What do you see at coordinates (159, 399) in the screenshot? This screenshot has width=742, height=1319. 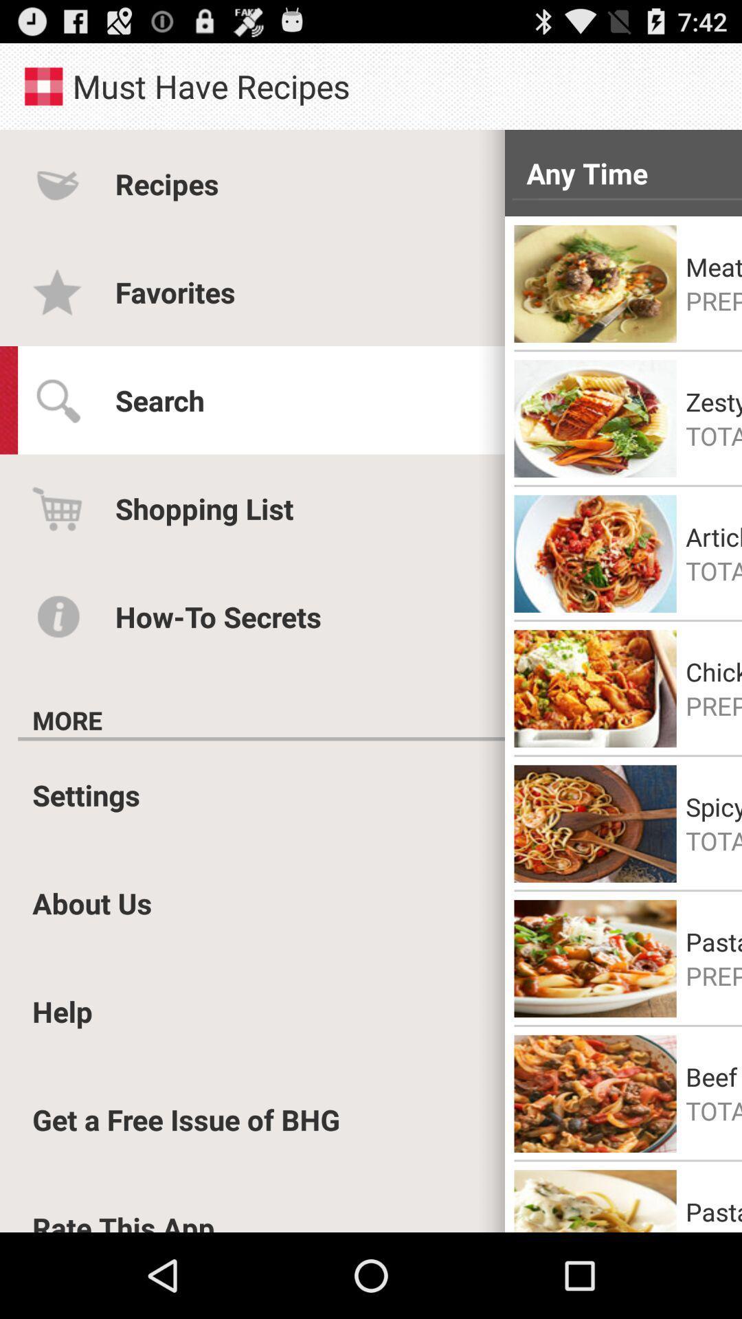 I see `the app below the favorites app` at bounding box center [159, 399].